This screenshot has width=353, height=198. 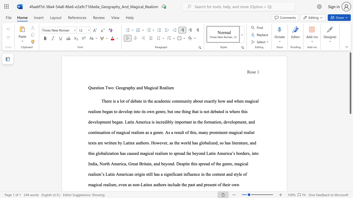 I want to click on the 2th character "d" in the text, so click(x=204, y=153).